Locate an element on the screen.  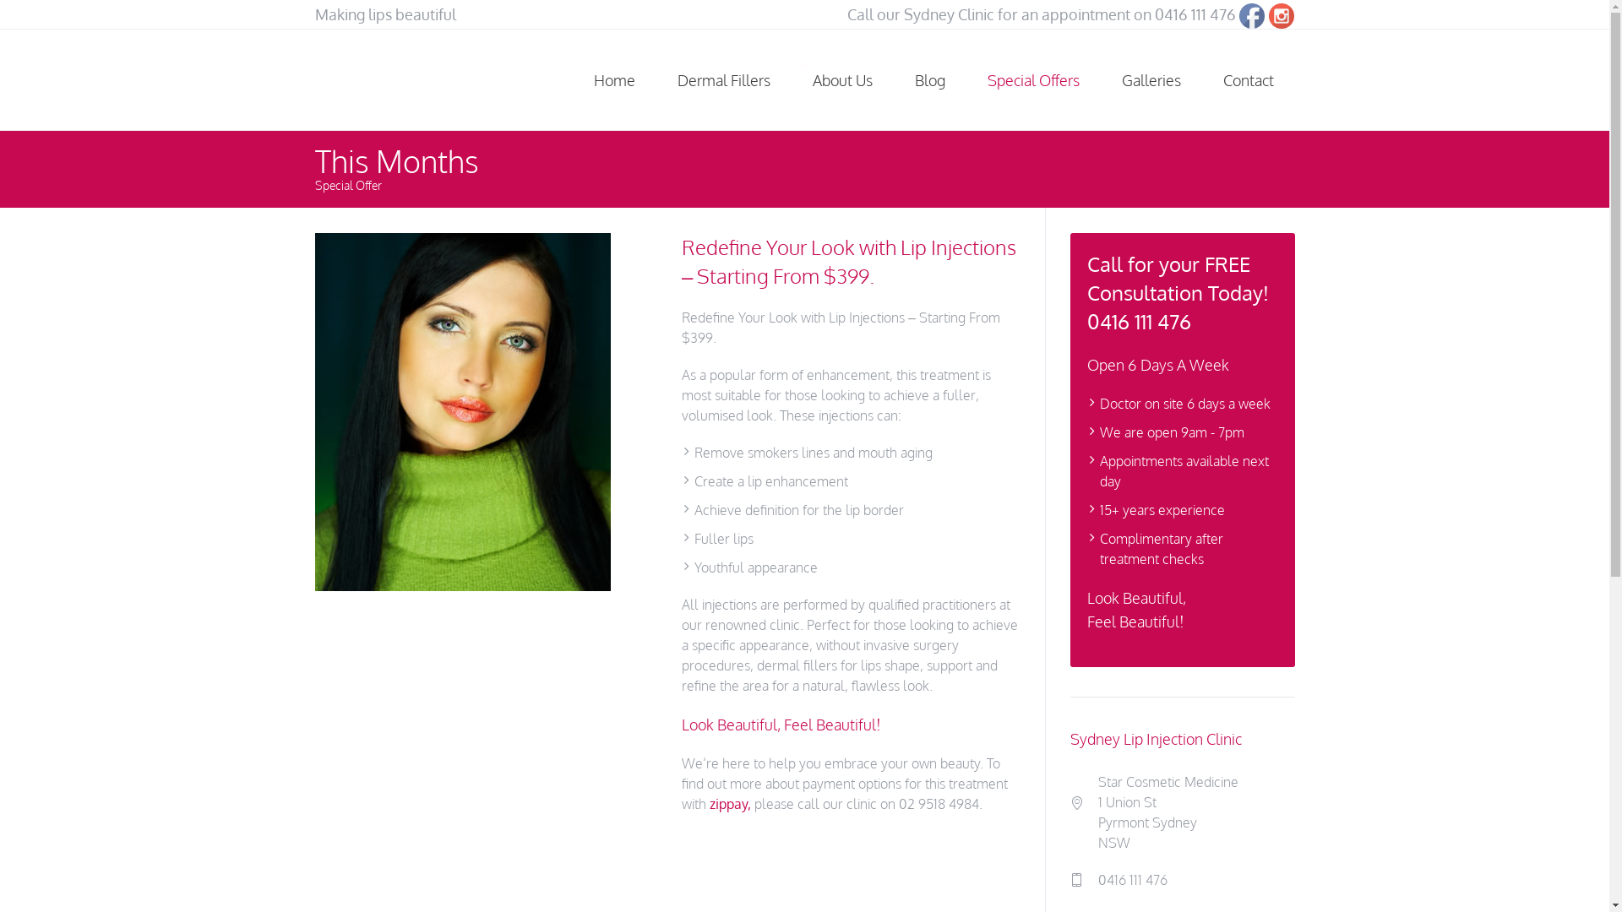
'Instagram' is located at coordinates (1281, 16).